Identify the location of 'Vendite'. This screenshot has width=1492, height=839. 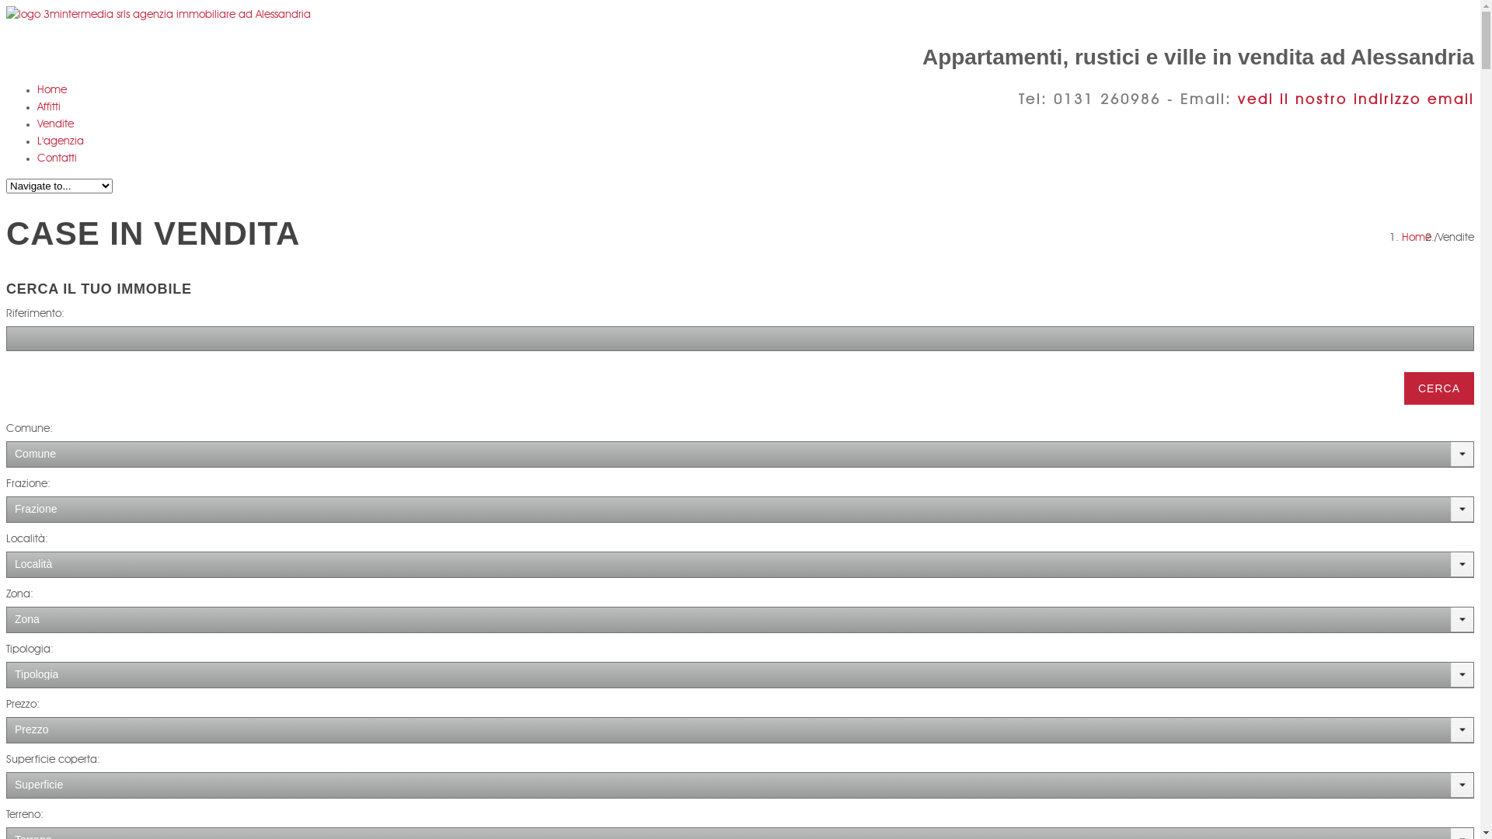
(55, 123).